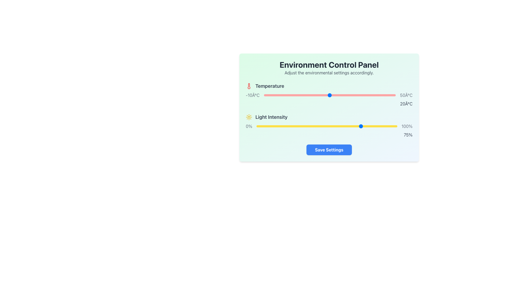 This screenshot has width=513, height=289. Describe the element at coordinates (270, 126) in the screenshot. I see `light intensity` at that location.